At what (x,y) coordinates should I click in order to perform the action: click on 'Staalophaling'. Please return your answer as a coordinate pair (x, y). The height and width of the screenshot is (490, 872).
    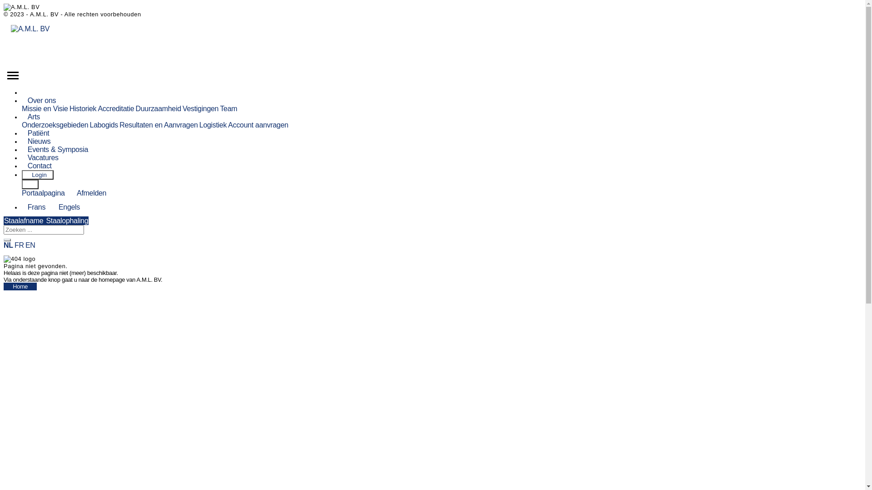
    Looking at the image, I should click on (66, 220).